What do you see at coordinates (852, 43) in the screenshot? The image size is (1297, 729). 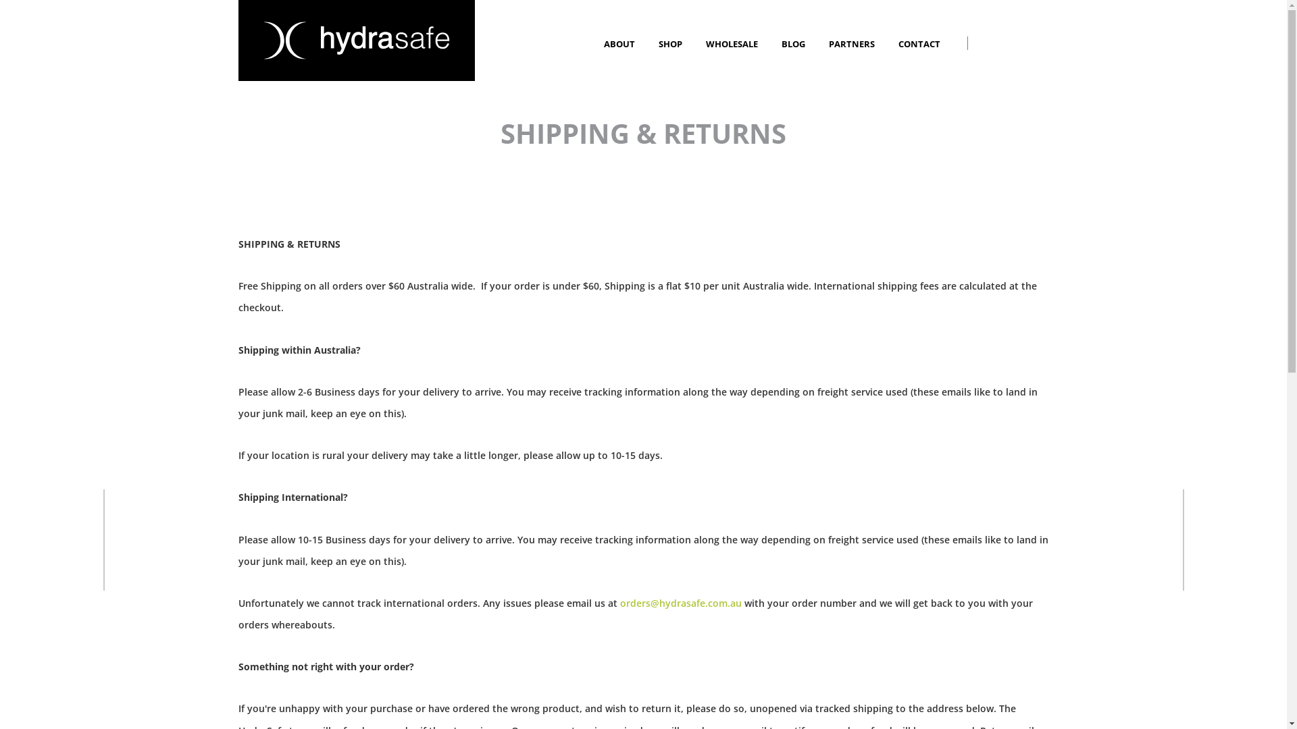 I see `'PARTNERS'` at bounding box center [852, 43].